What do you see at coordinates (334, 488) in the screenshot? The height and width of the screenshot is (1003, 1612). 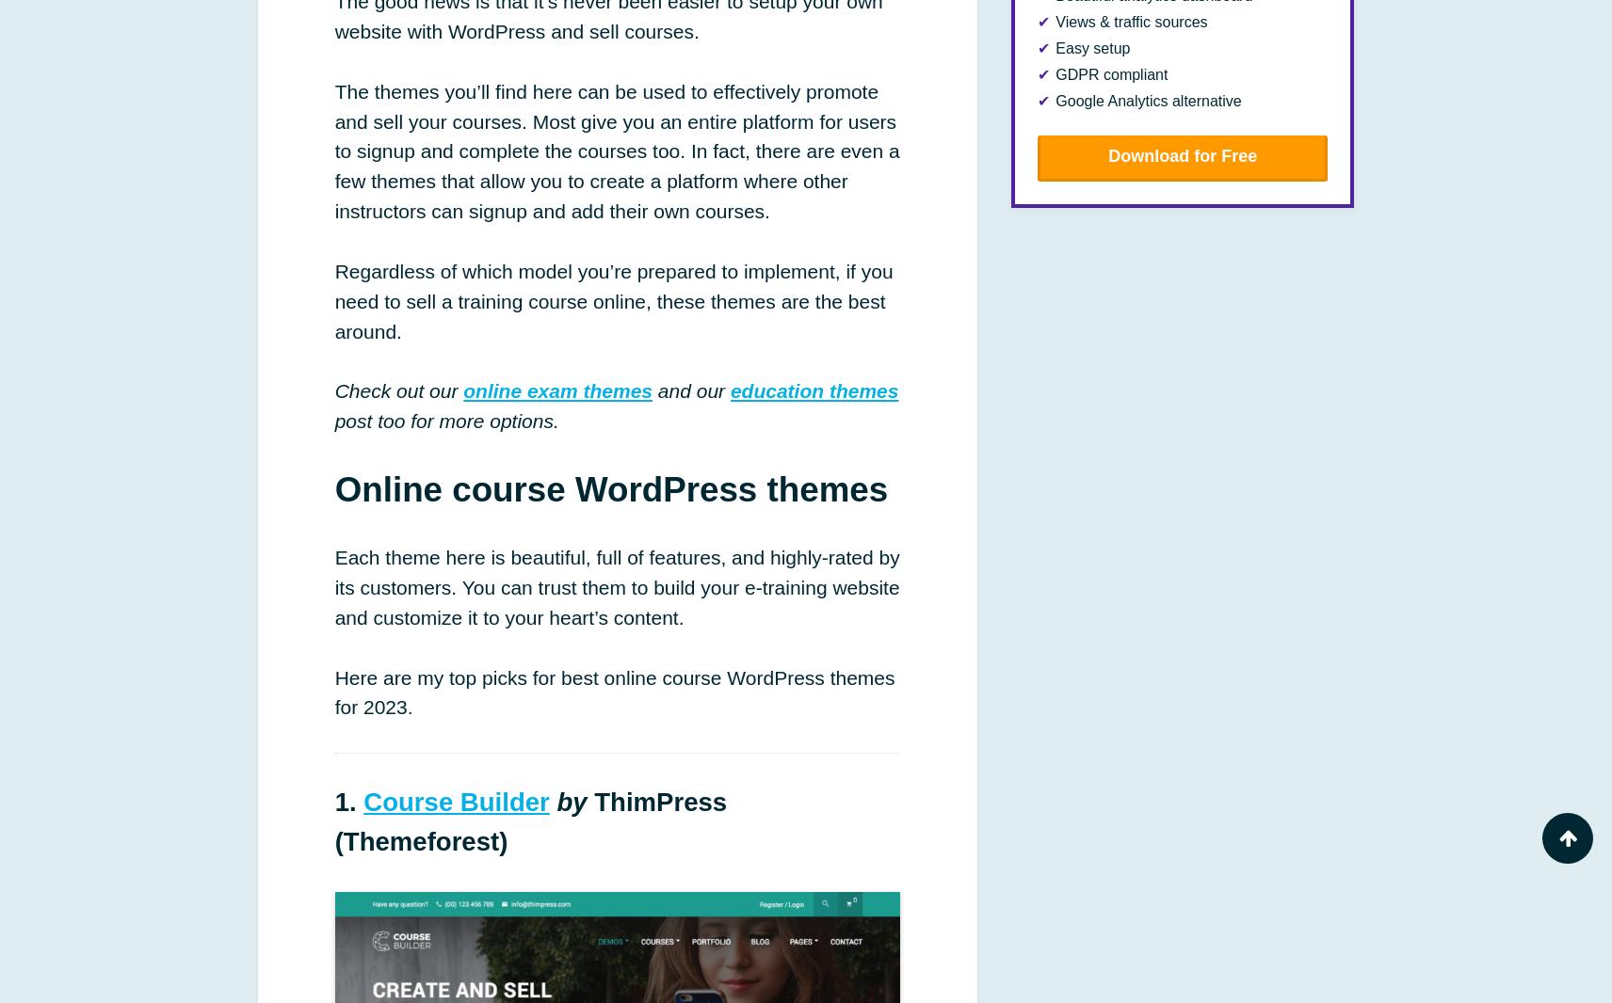 I see `'Online course WordPress themes'` at bounding box center [334, 488].